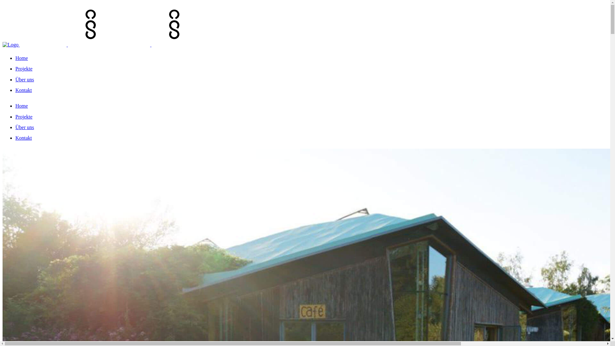 Image resolution: width=615 pixels, height=346 pixels. I want to click on 'Projekte', so click(24, 117).